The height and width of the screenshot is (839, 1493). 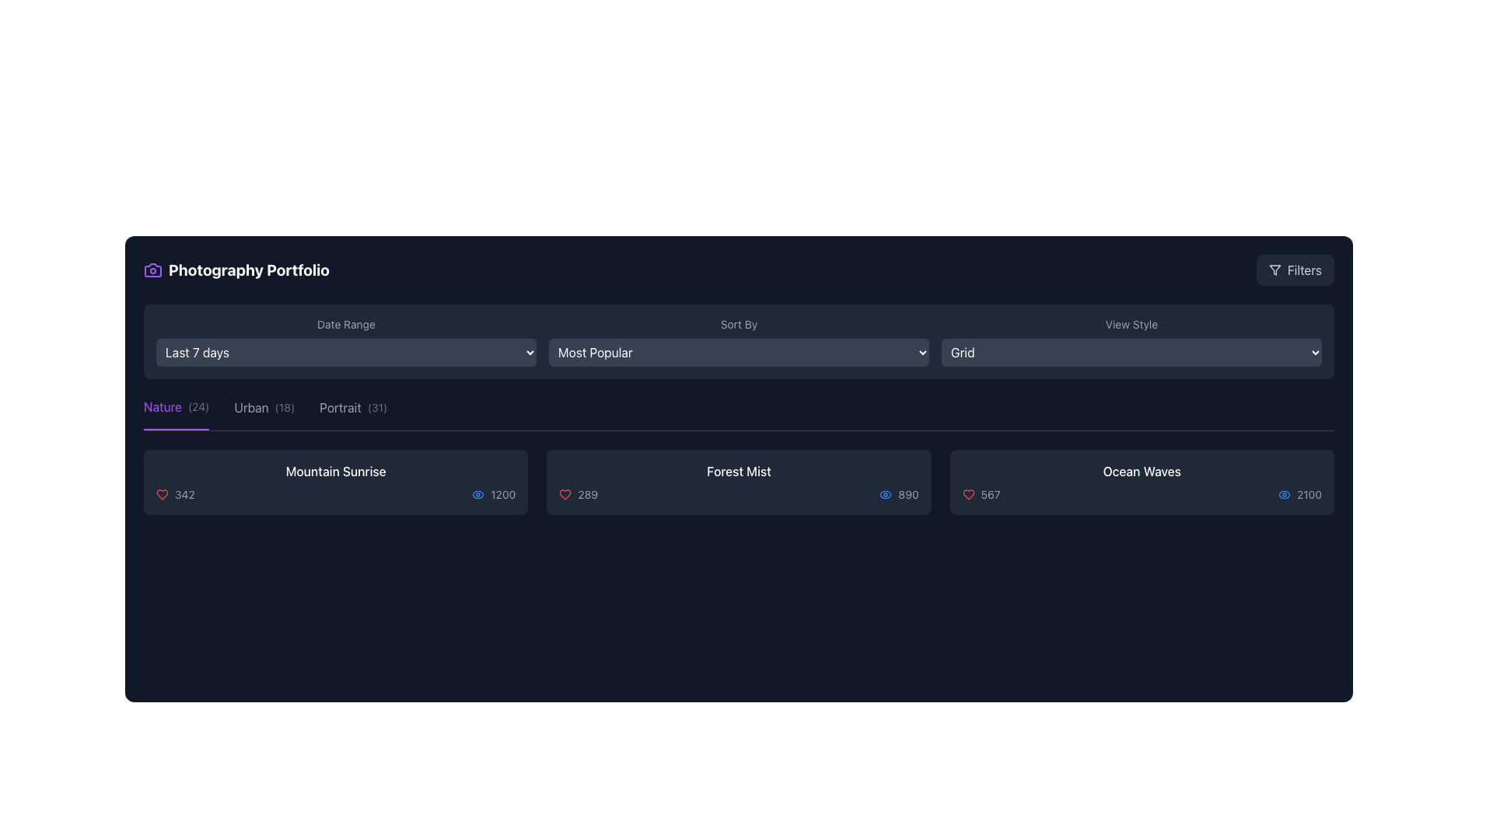 What do you see at coordinates (1131, 353) in the screenshot?
I see `the Dropdown menu button labeled 'Grid' with rounded corners and a dark gray background` at bounding box center [1131, 353].